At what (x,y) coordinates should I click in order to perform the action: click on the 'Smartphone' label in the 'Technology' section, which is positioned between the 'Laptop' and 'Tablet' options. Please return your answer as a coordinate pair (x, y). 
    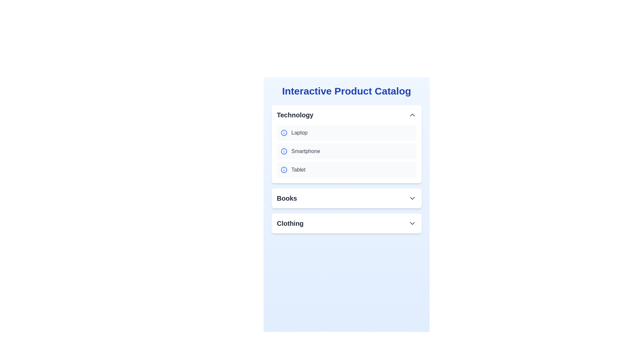
    Looking at the image, I should click on (305, 151).